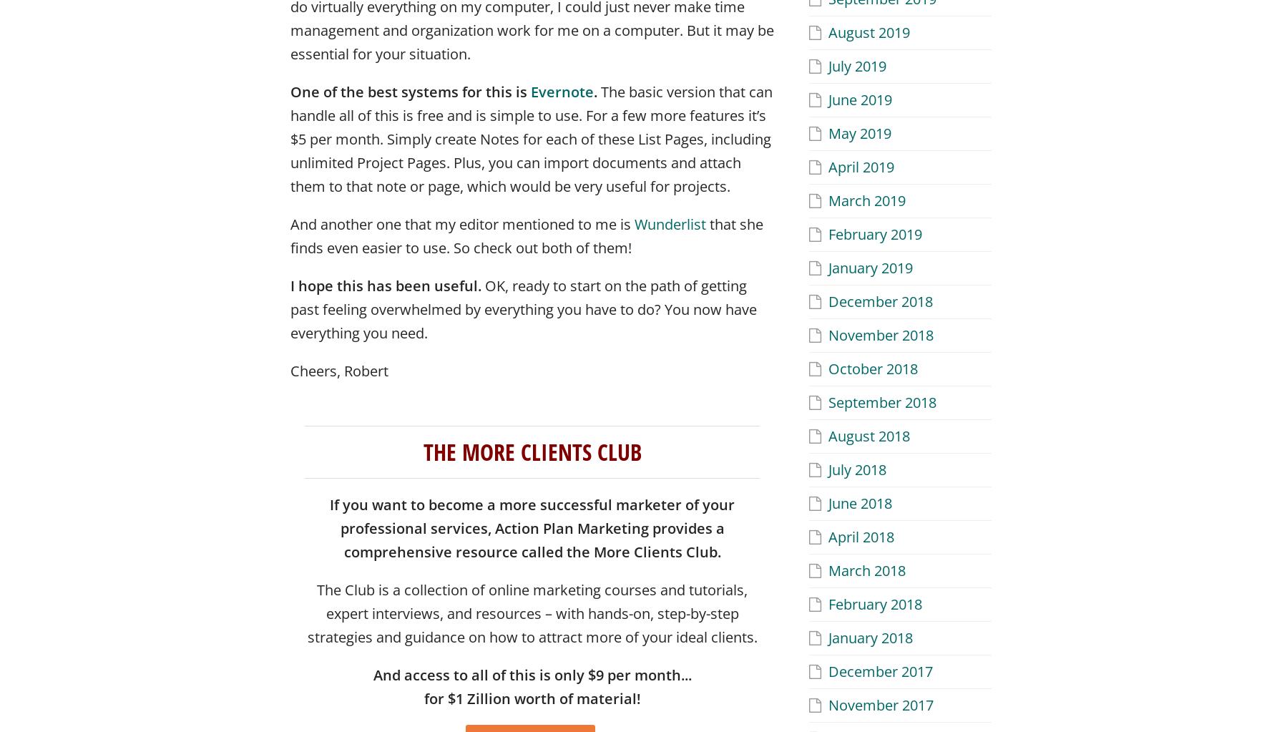  What do you see at coordinates (880, 301) in the screenshot?
I see `'December 2018'` at bounding box center [880, 301].